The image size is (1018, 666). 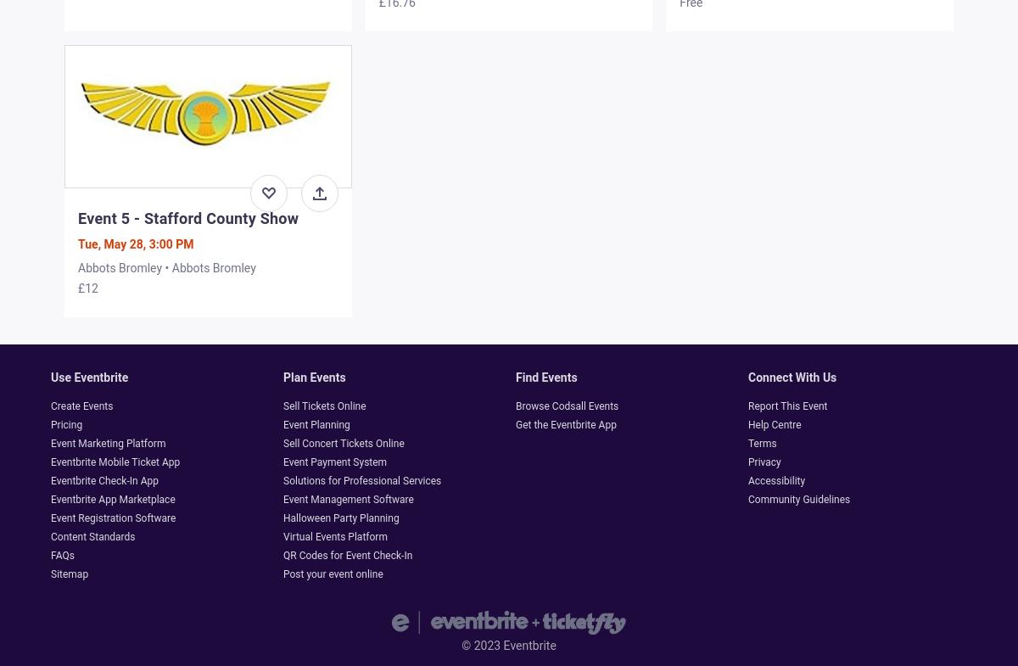 What do you see at coordinates (165, 266) in the screenshot?
I see `'Abbots Bromley • Abbots Bromley'` at bounding box center [165, 266].